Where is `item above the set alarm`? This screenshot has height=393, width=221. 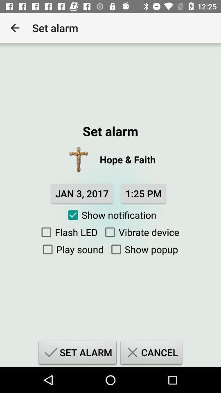 item above the set alarm is located at coordinates (142, 249).